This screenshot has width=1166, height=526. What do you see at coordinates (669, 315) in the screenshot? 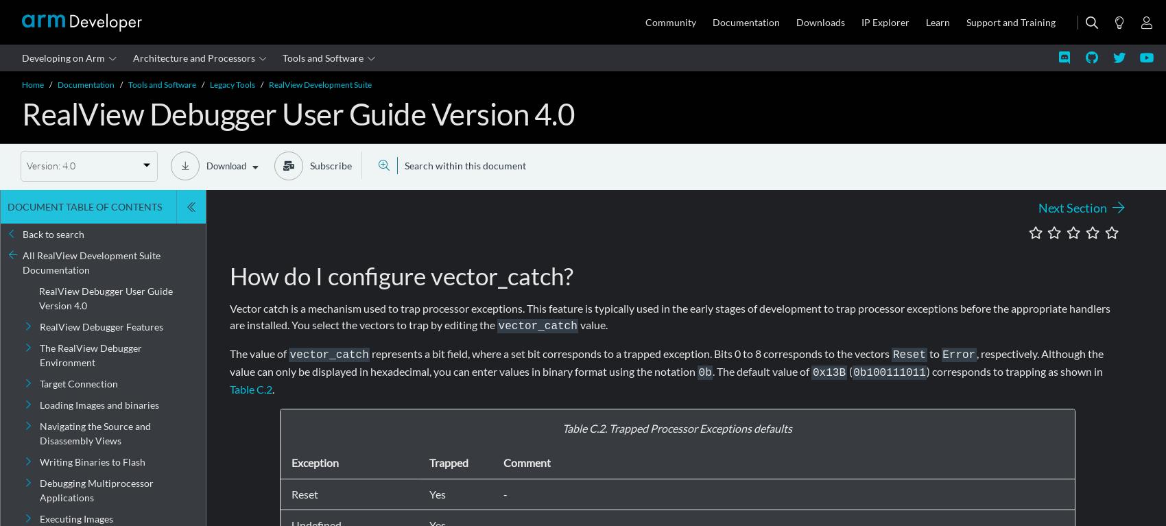
I see `'Vector catch is a mechanism used to trap processor exceptions. This feature is typically used in the early stages of development to trap processor exceptions before the appropriate handlers are installed. You select the vectors to trap by editing the'` at bounding box center [669, 315].